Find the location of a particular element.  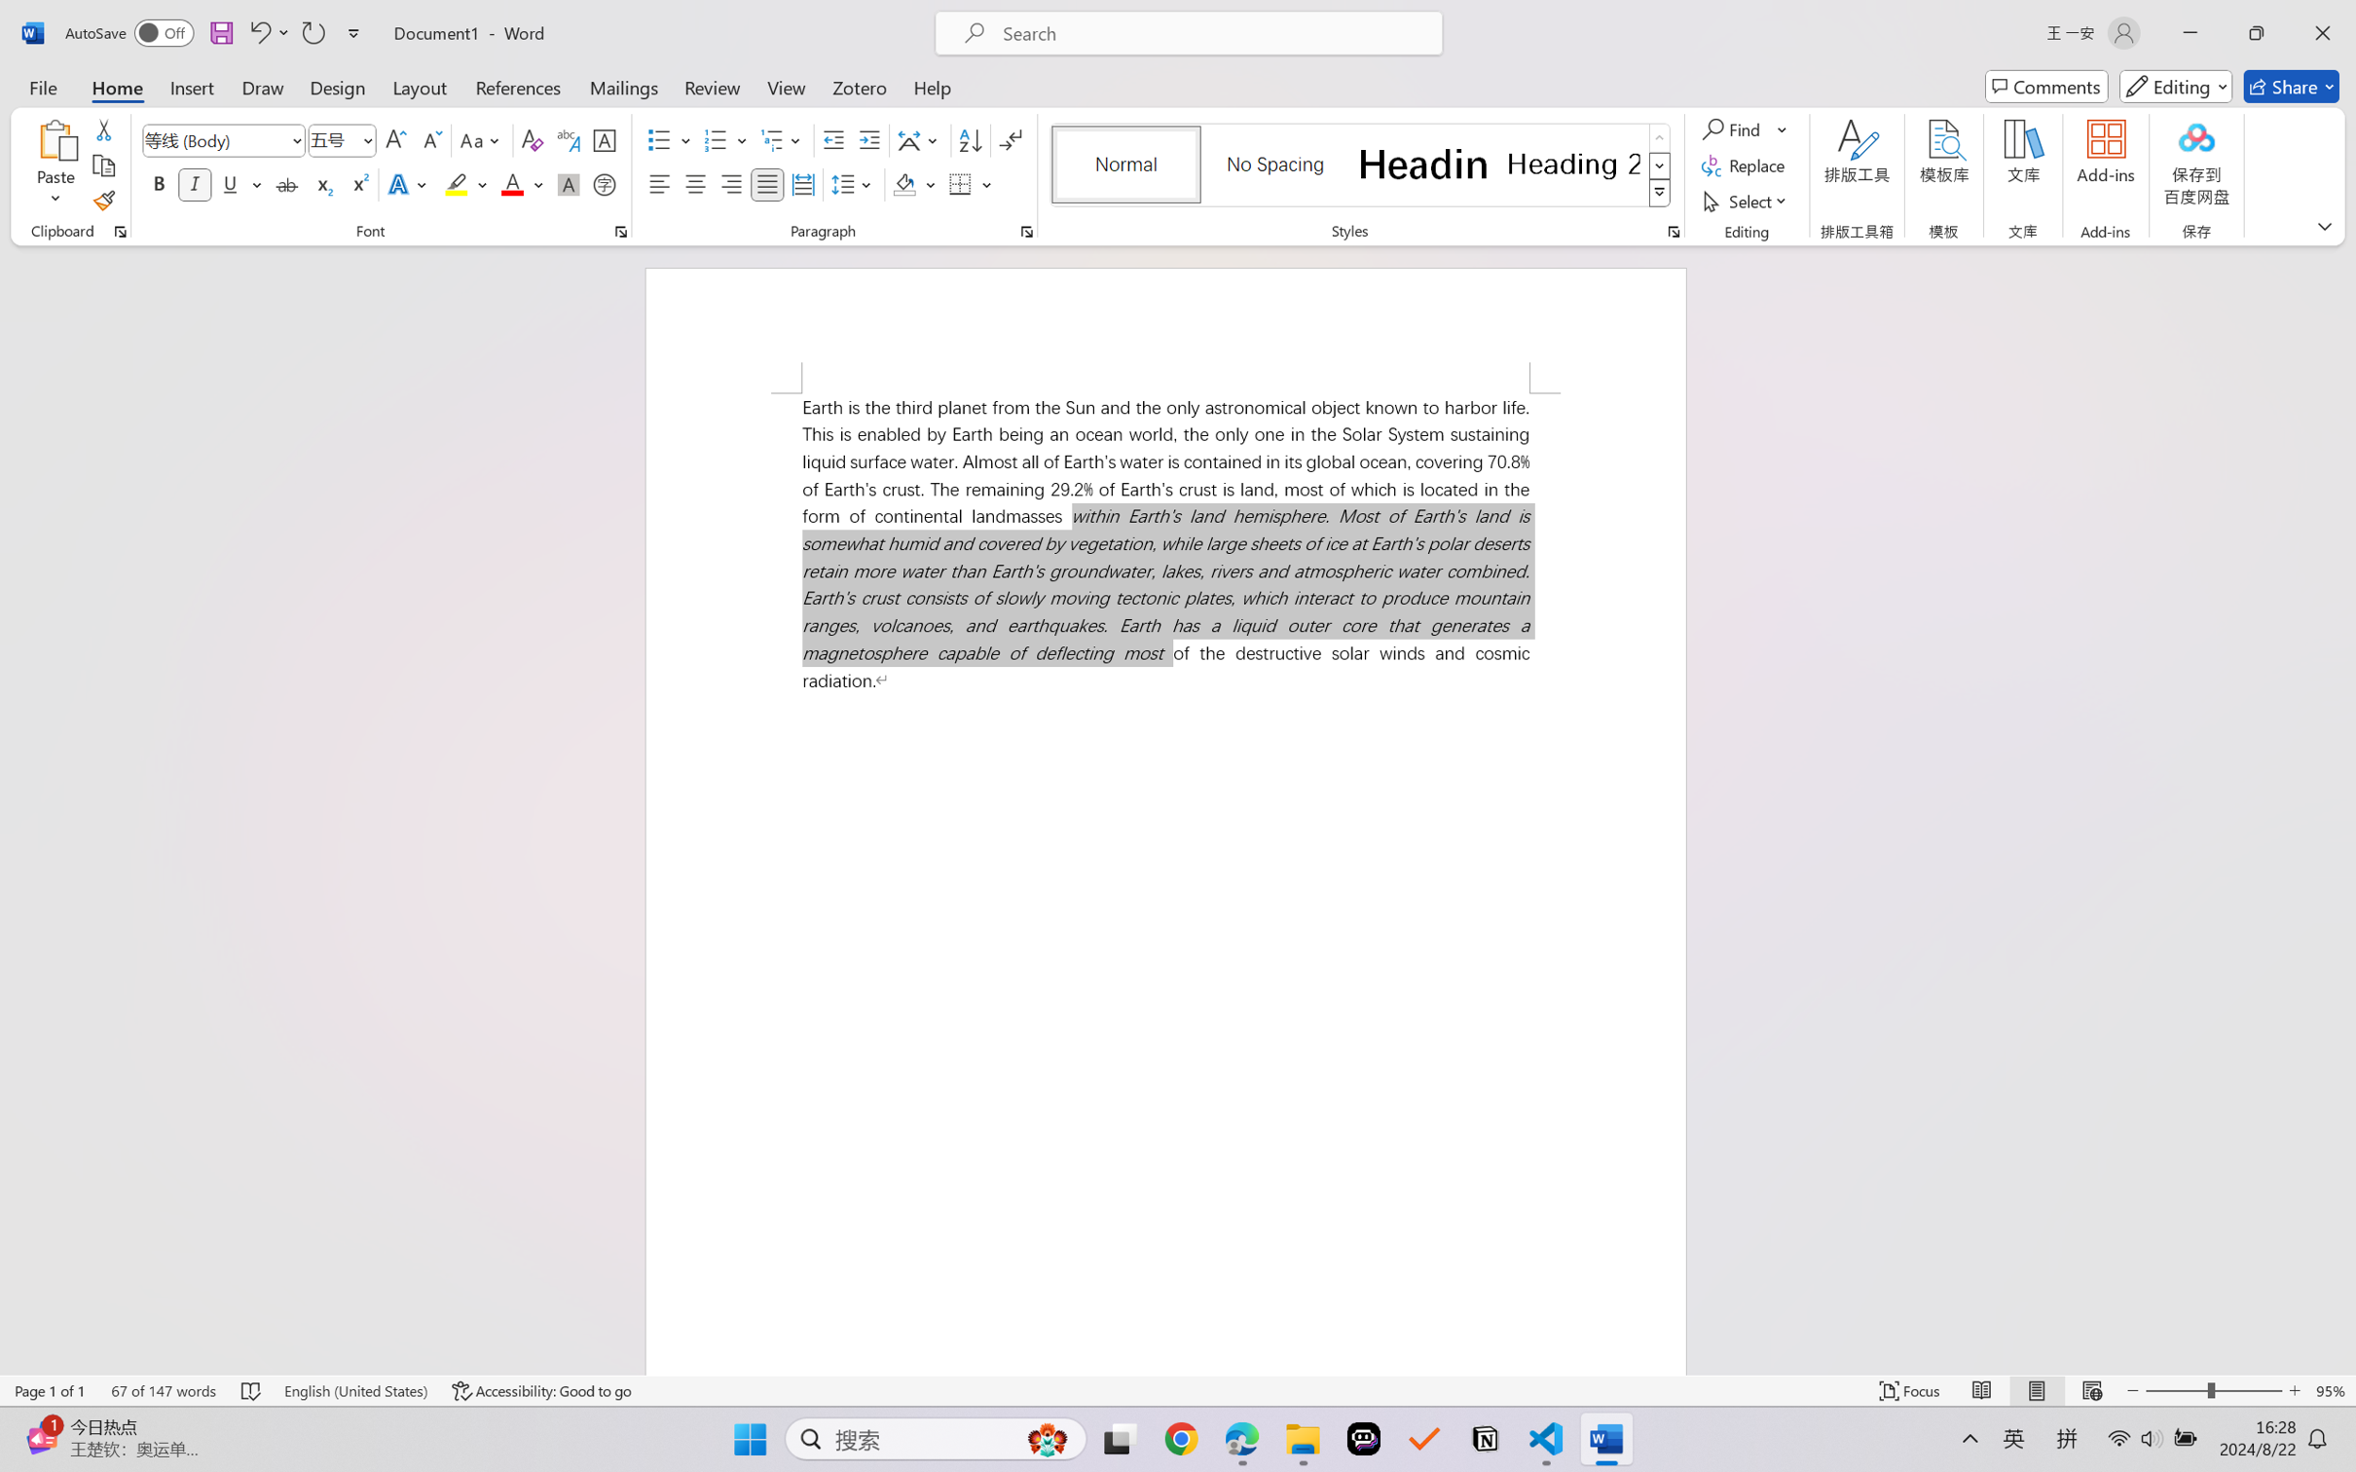

'Styles...' is located at coordinates (1673, 231).